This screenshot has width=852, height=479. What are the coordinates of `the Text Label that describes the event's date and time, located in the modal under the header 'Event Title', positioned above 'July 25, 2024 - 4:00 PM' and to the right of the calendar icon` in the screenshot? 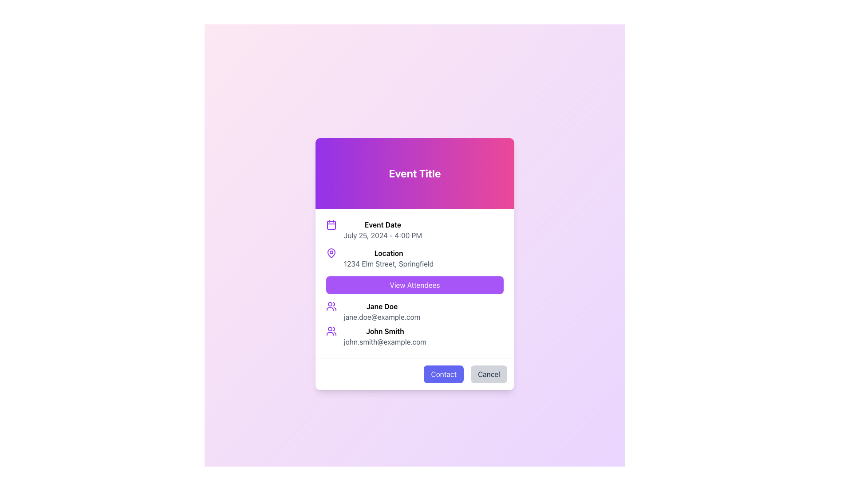 It's located at (383, 224).